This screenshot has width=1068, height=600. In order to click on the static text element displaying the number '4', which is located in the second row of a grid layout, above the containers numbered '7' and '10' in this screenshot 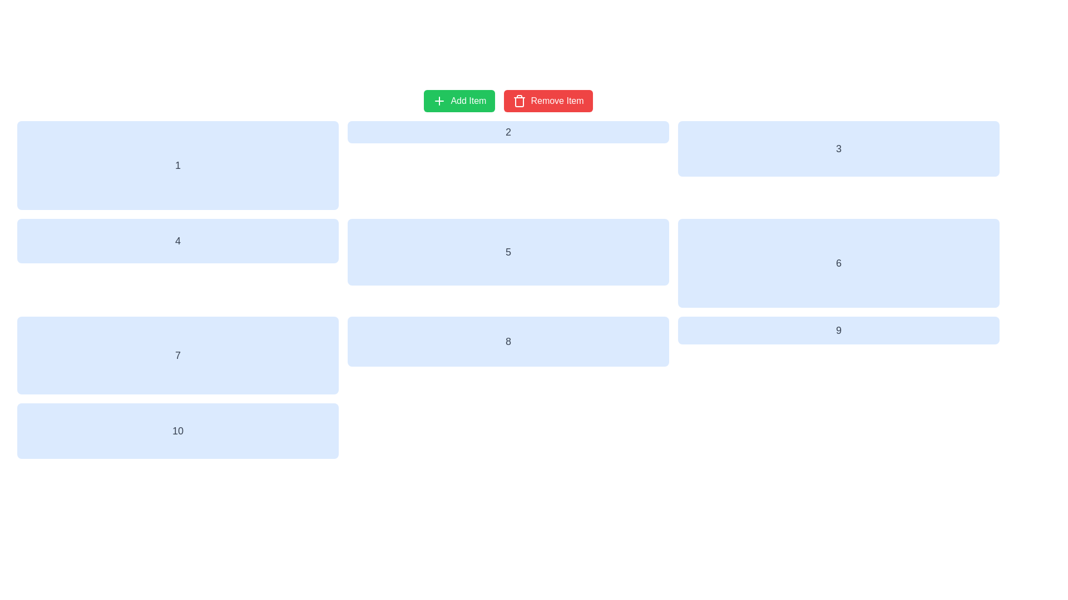, I will do `click(178, 241)`.